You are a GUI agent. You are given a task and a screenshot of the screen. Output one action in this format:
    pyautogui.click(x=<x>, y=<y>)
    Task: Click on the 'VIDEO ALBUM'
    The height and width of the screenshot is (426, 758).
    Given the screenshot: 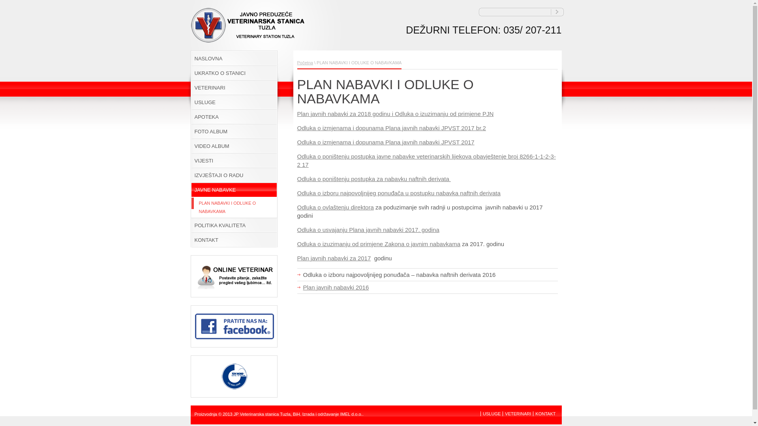 What is the action you would take?
    pyautogui.click(x=190, y=146)
    